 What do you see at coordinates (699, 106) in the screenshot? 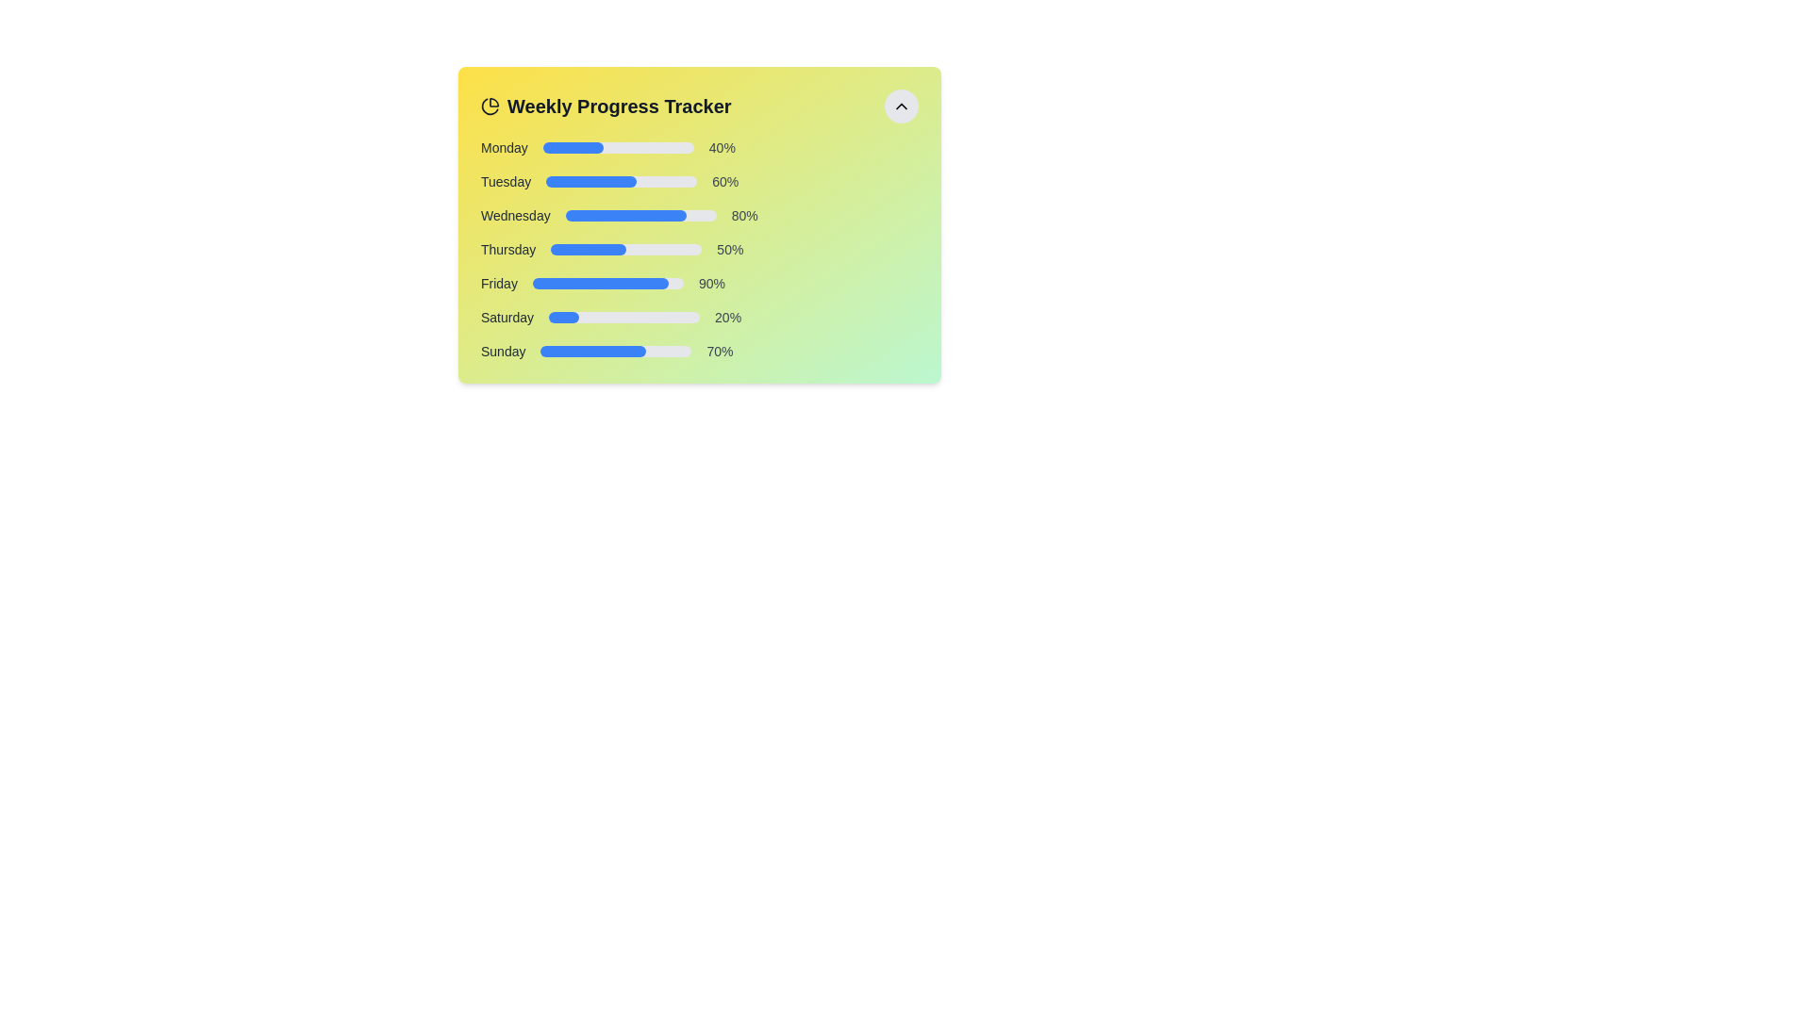
I see `the purpose of the 'Weekly Progress Tracker' section` at bounding box center [699, 106].